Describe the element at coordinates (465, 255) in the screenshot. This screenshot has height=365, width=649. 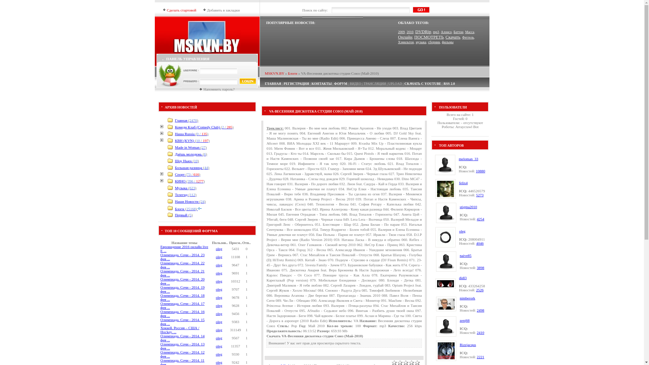
I see `'naive85'` at that location.